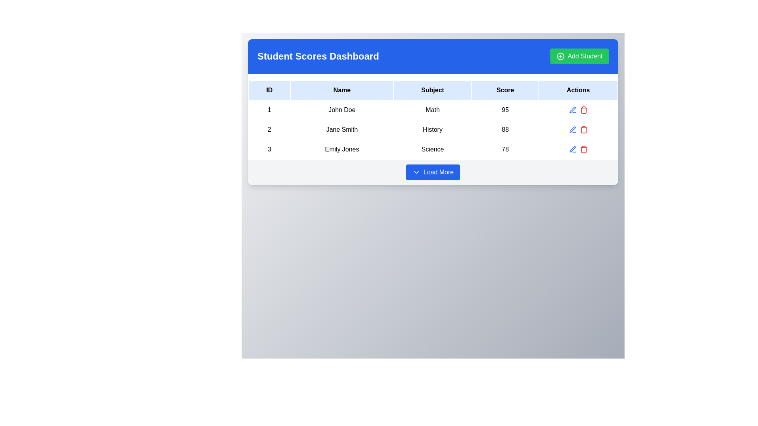 This screenshot has width=758, height=426. I want to click on the heading text element located in the blue header bar at the top of the dashboard card, which indicates the purpose and scope of the presented information, so click(318, 56).